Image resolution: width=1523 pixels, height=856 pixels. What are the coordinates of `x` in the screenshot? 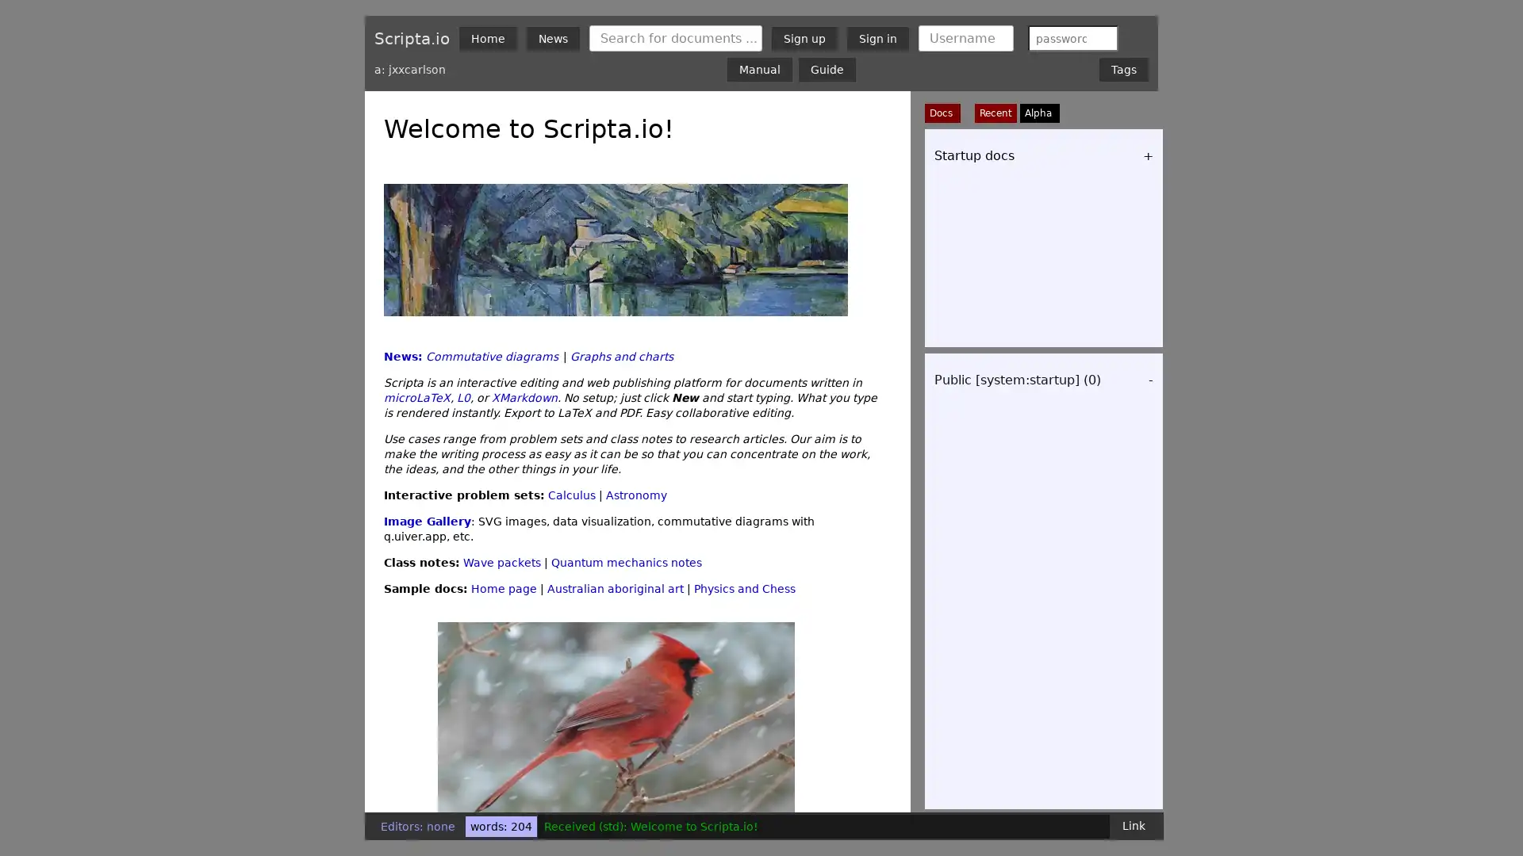 It's located at (1100, 36).